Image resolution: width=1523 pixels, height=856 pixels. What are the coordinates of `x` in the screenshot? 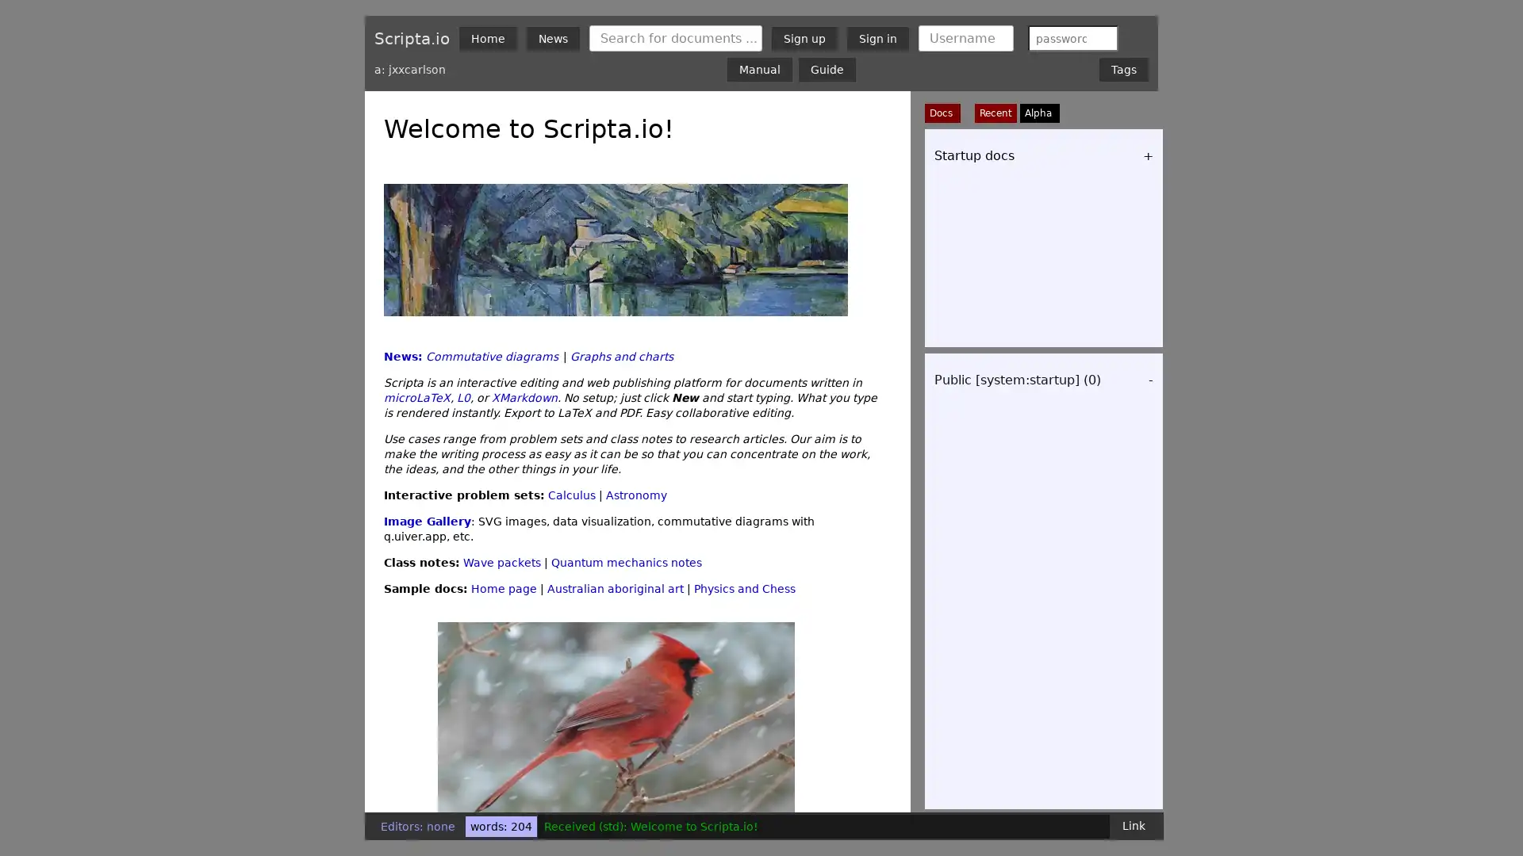 It's located at (1100, 36).